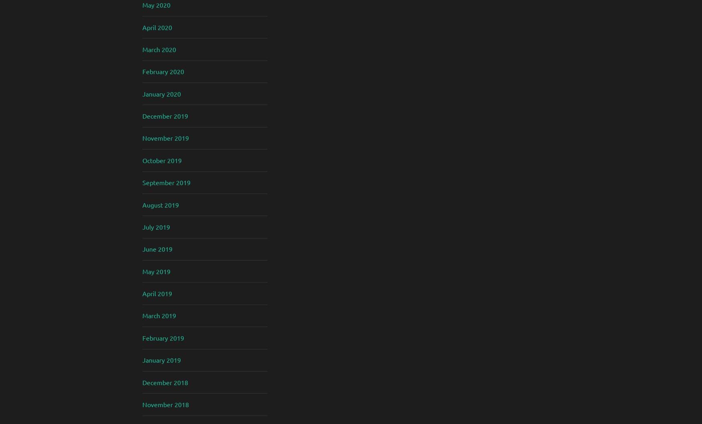 This screenshot has height=424, width=702. I want to click on 'April 2020', so click(157, 26).